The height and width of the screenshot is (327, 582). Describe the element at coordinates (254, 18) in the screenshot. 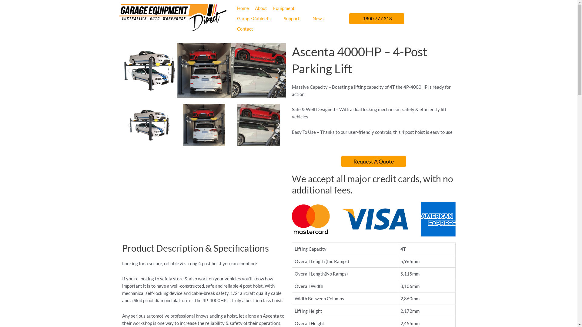

I see `'Garage Cabinets'` at that location.